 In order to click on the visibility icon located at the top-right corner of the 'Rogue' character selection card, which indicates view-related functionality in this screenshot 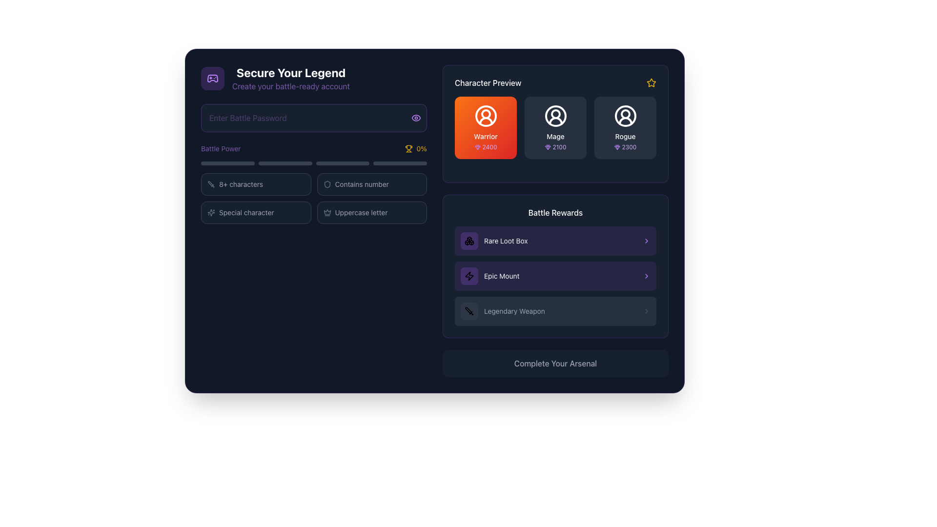, I will do `click(416, 118)`.